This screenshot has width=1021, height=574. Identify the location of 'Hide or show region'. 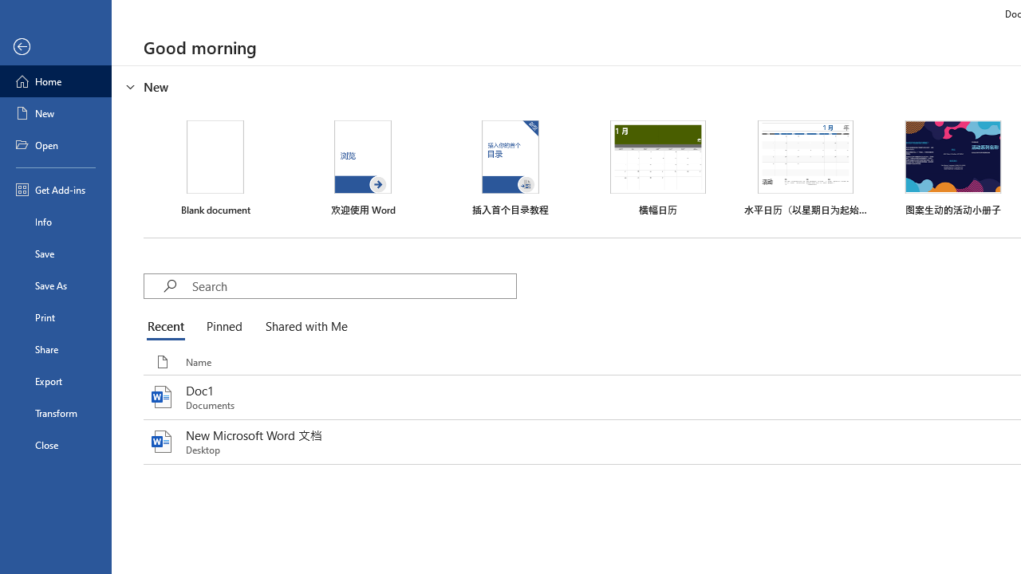
(131, 87).